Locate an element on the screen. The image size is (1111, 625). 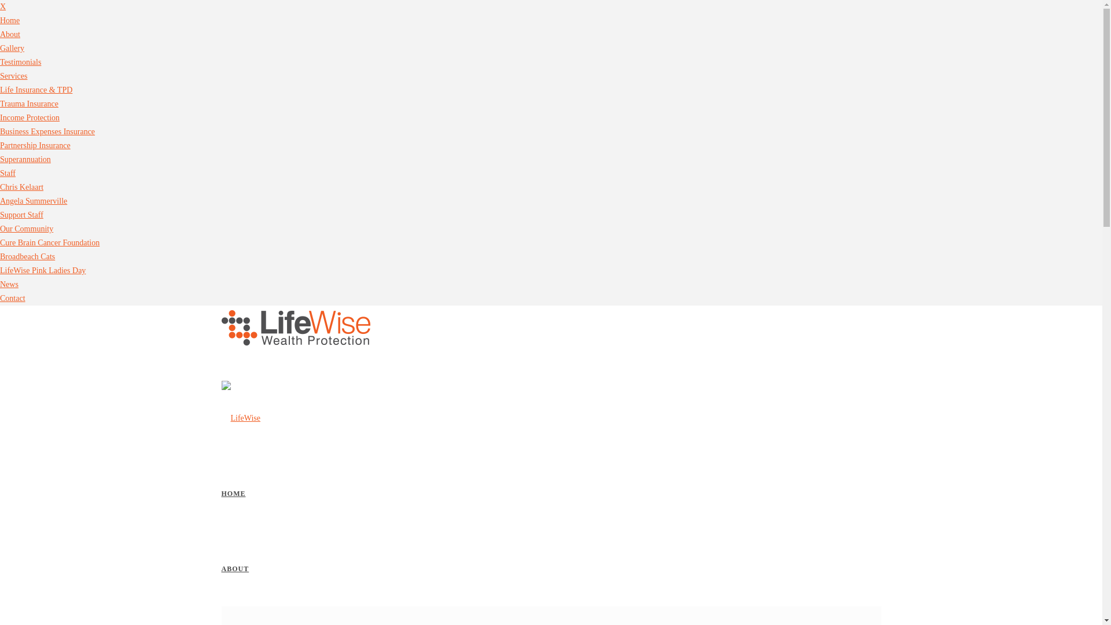
'Angela Summerville' is located at coordinates (33, 200).